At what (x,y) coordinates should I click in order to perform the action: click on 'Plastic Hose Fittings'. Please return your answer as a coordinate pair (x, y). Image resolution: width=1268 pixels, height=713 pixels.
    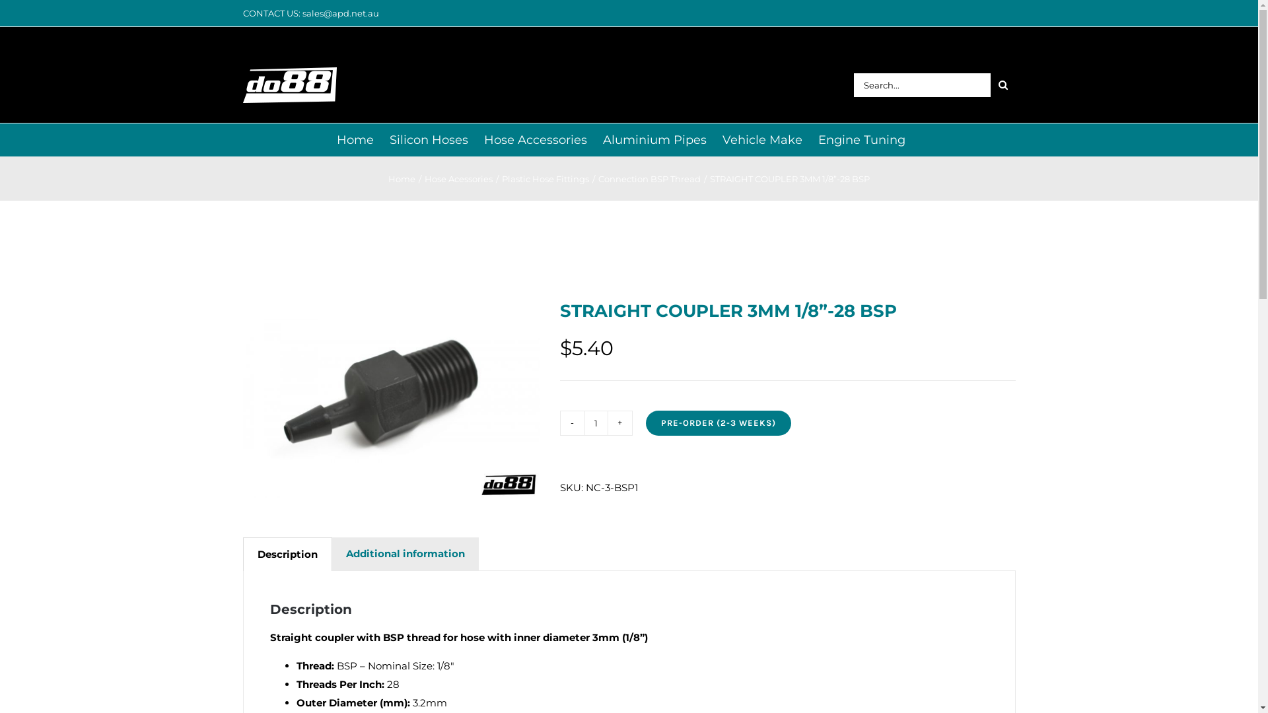
    Looking at the image, I should click on (545, 178).